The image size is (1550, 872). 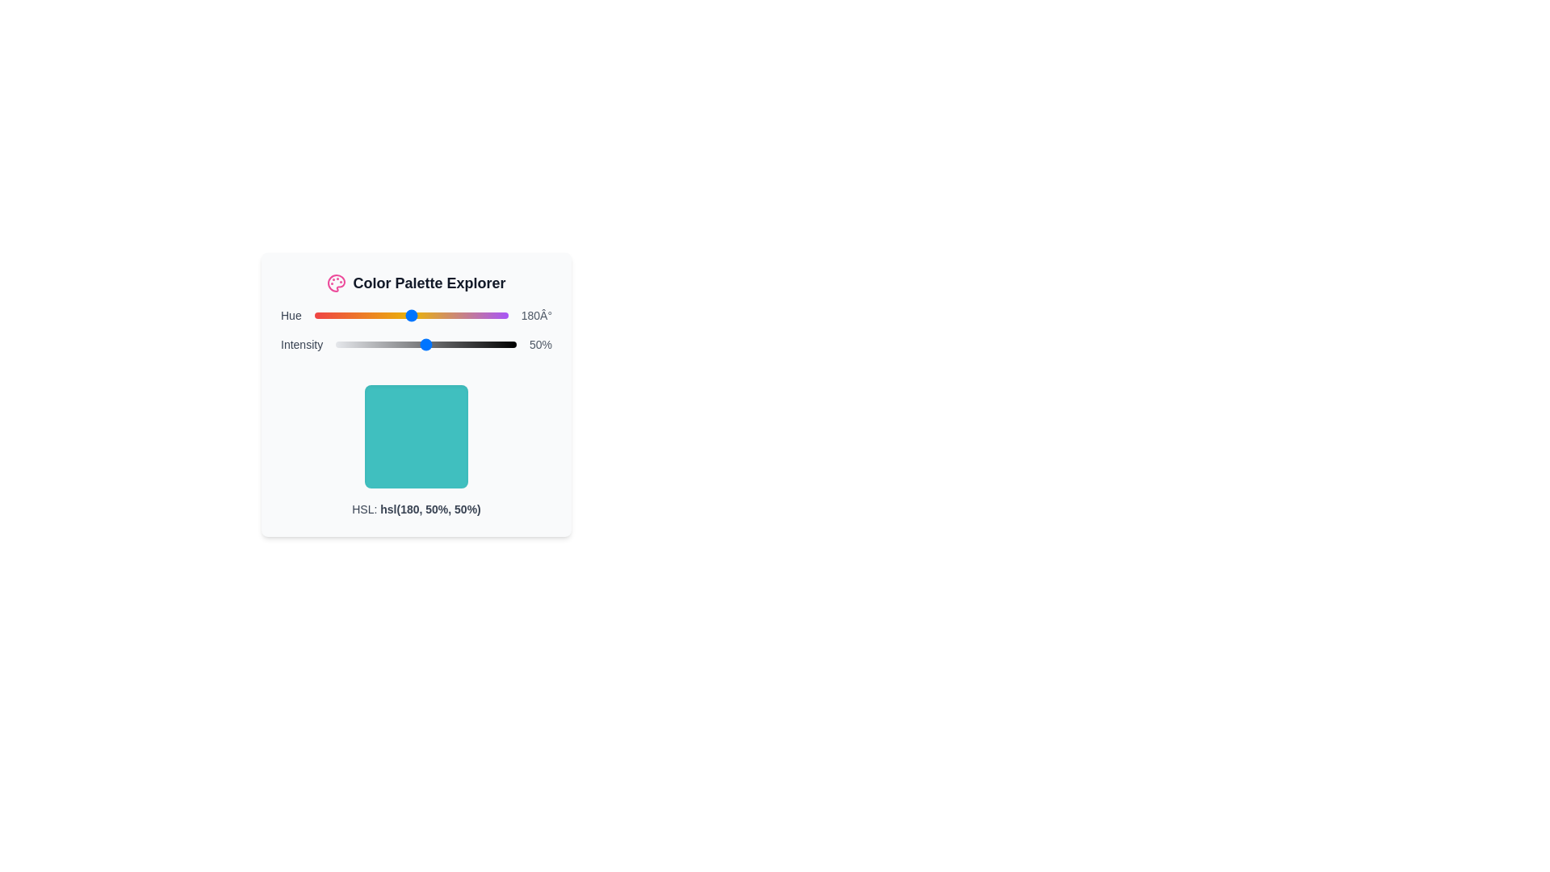 I want to click on the intensity slider to set the intensity to 19%, so click(x=369, y=344).